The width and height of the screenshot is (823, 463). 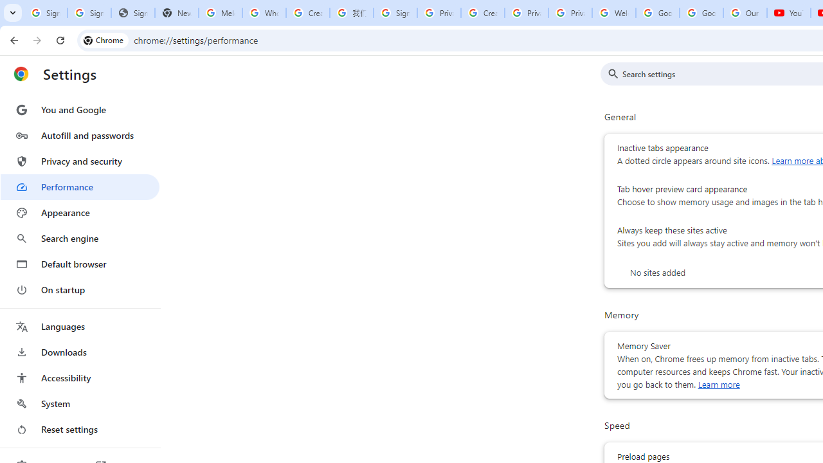 What do you see at coordinates (395, 13) in the screenshot?
I see `'Sign in - Google Accounts'` at bounding box center [395, 13].